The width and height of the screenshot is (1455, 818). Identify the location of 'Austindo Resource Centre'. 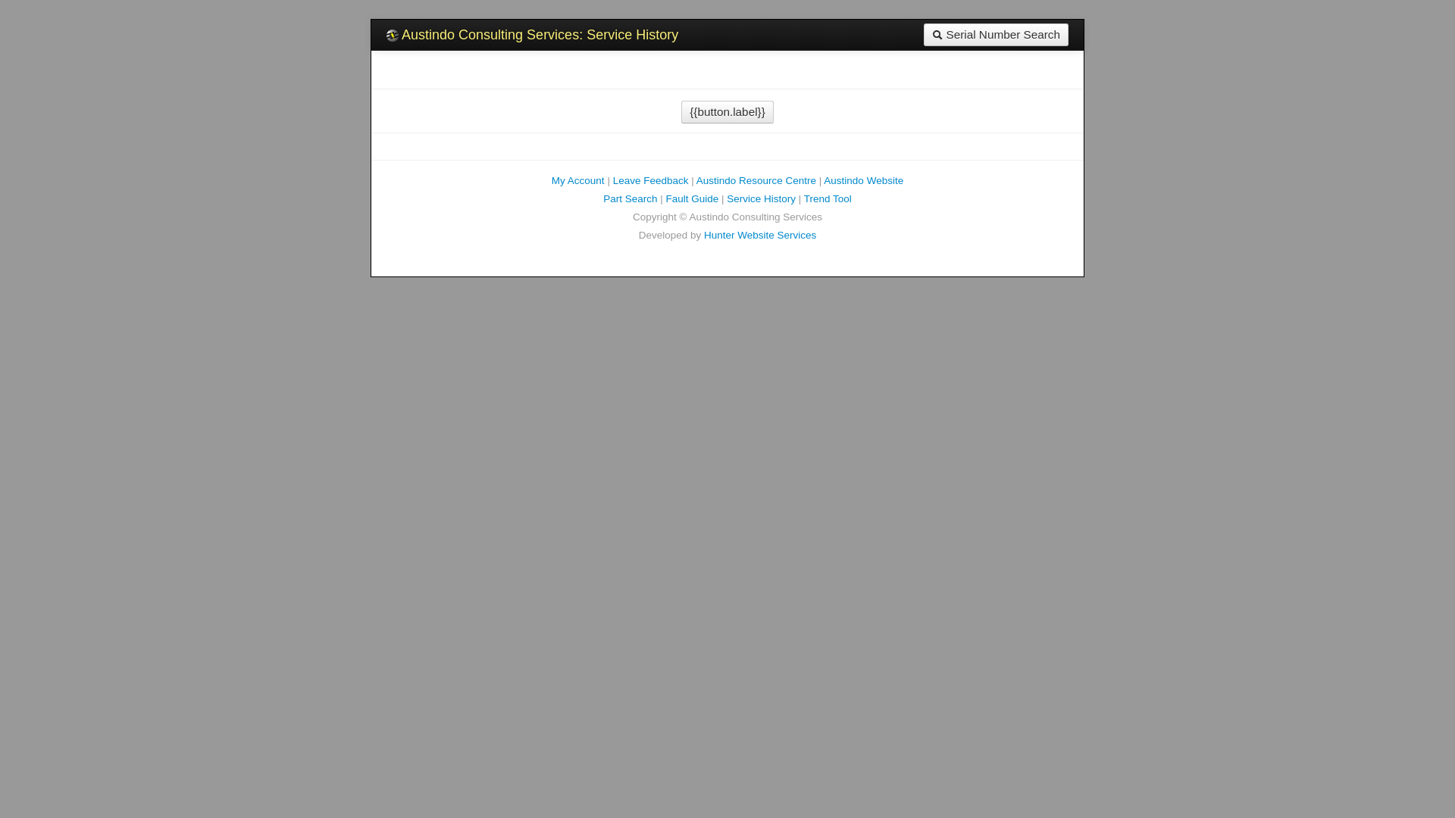
(756, 180).